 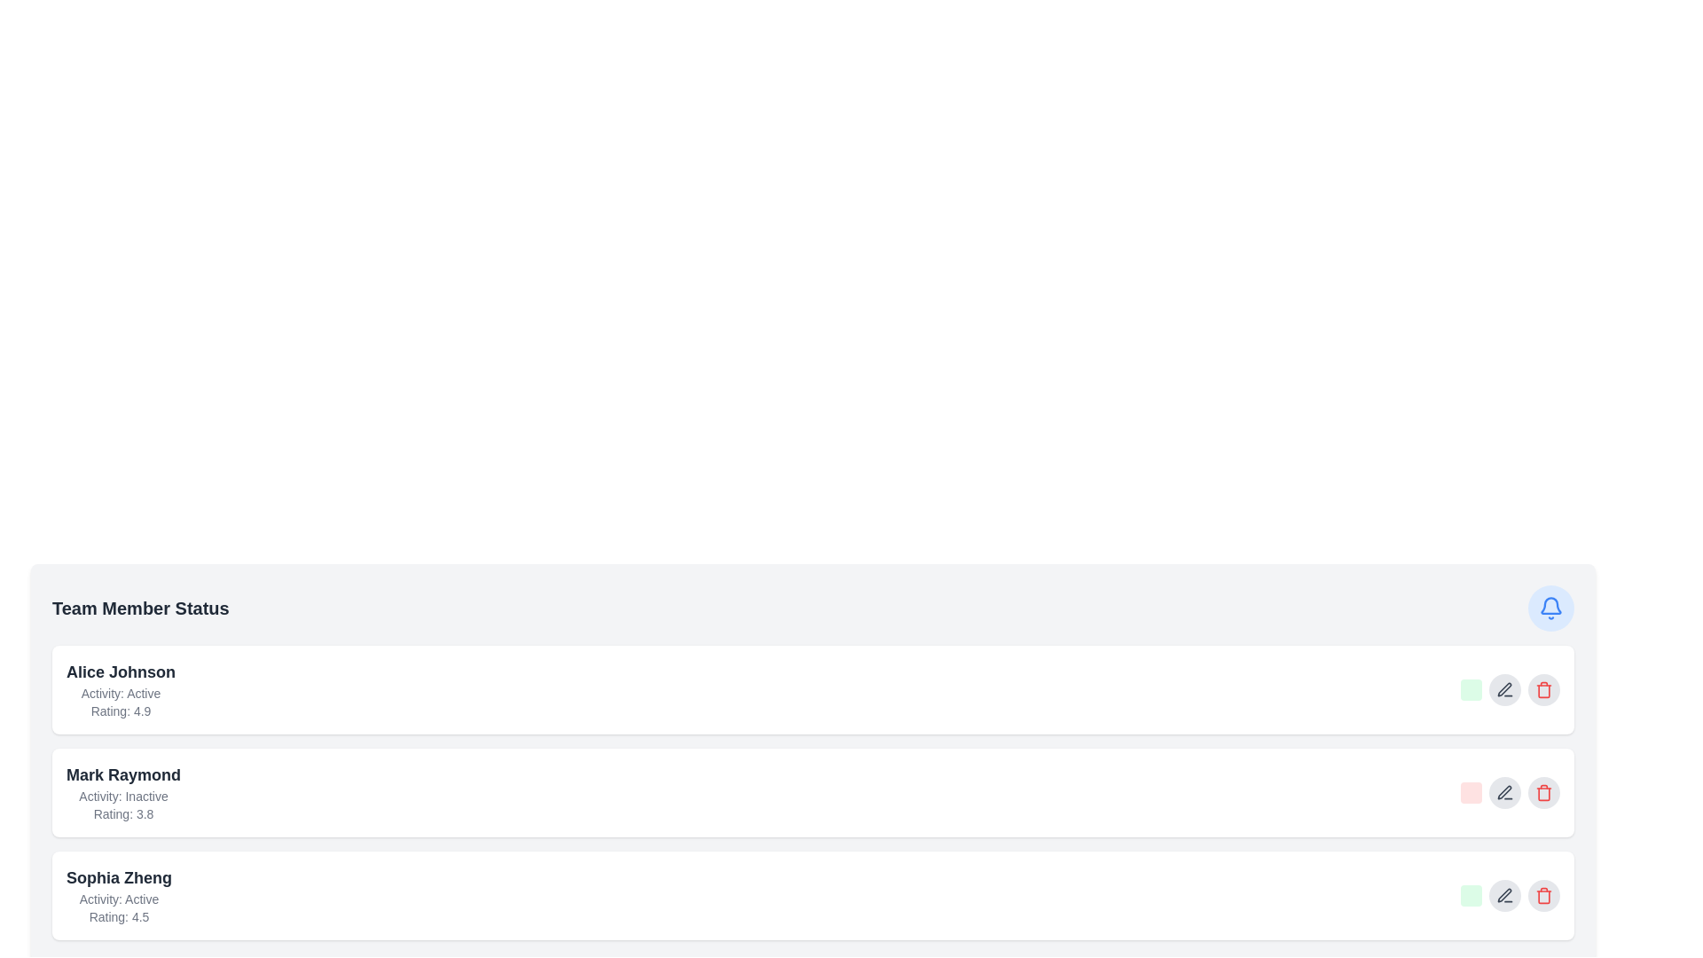 I want to click on the circular 'Inactive' status icon located inside the badge for 'Mark Raymond' in the second row of the team members list, so click(x=1481, y=796).